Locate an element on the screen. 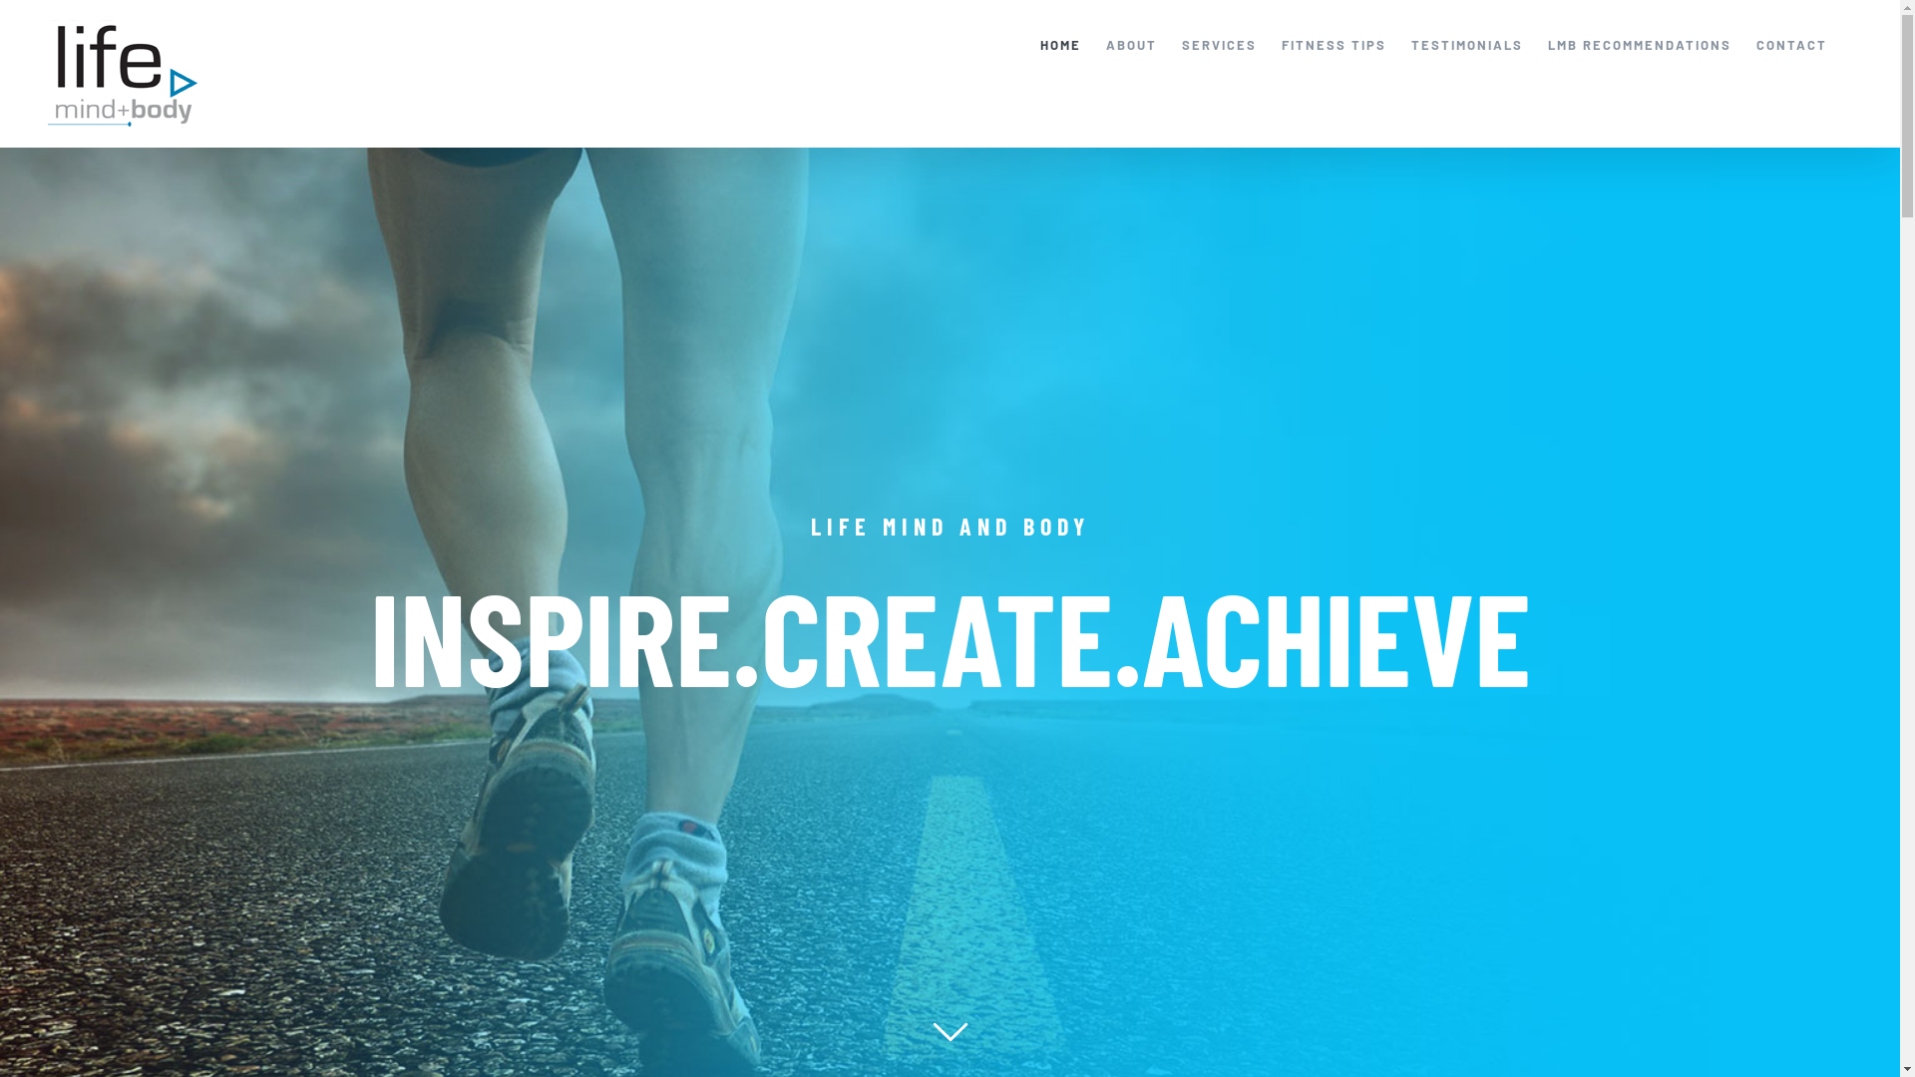  'ABOUT' is located at coordinates (1131, 45).